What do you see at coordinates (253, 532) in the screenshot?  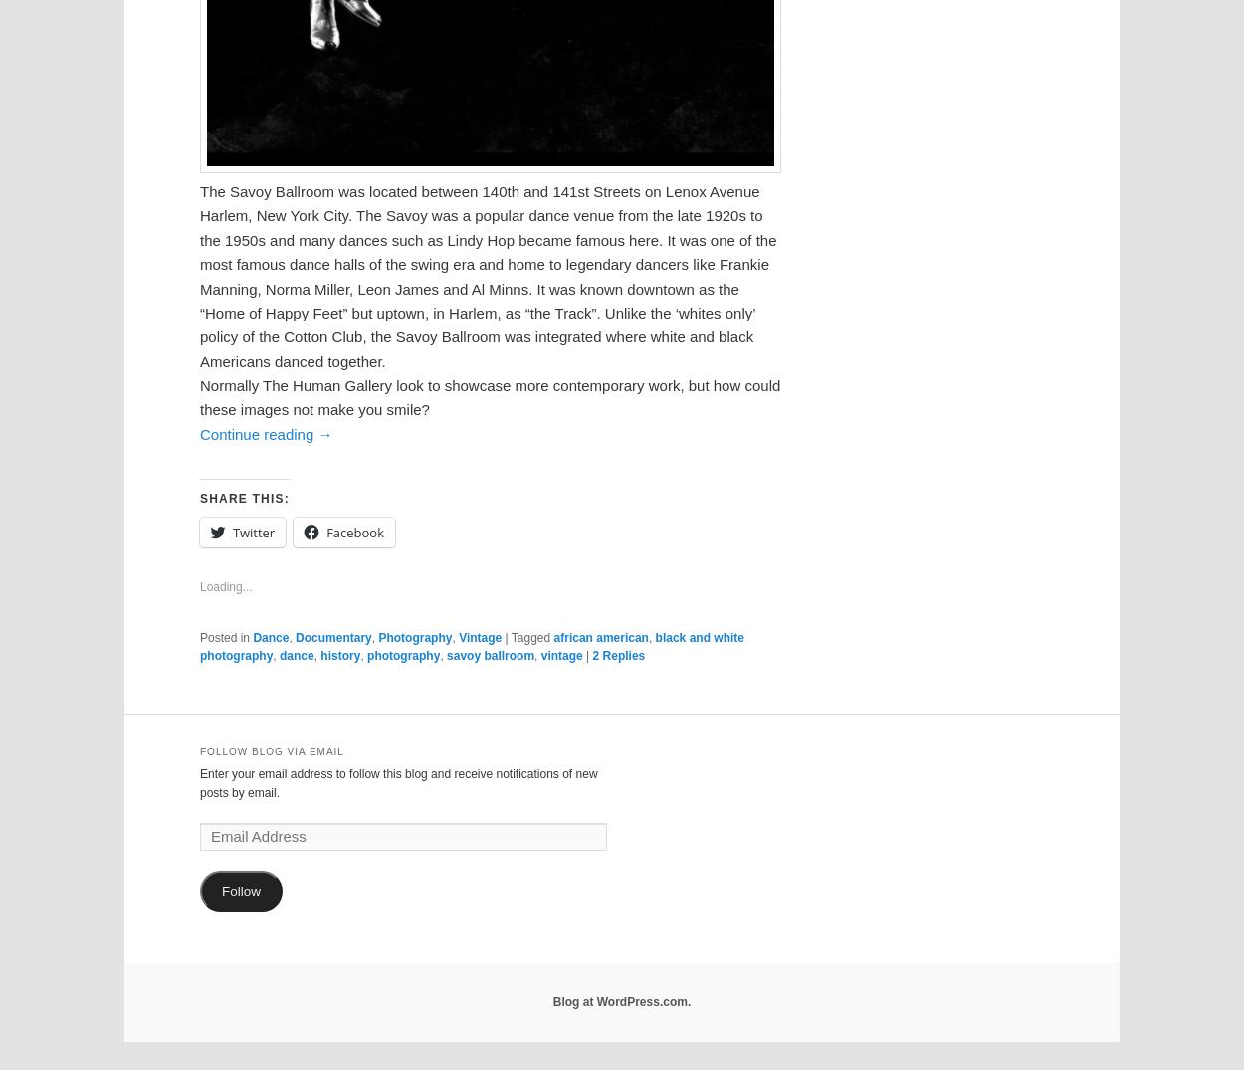 I see `'Twitter'` at bounding box center [253, 532].